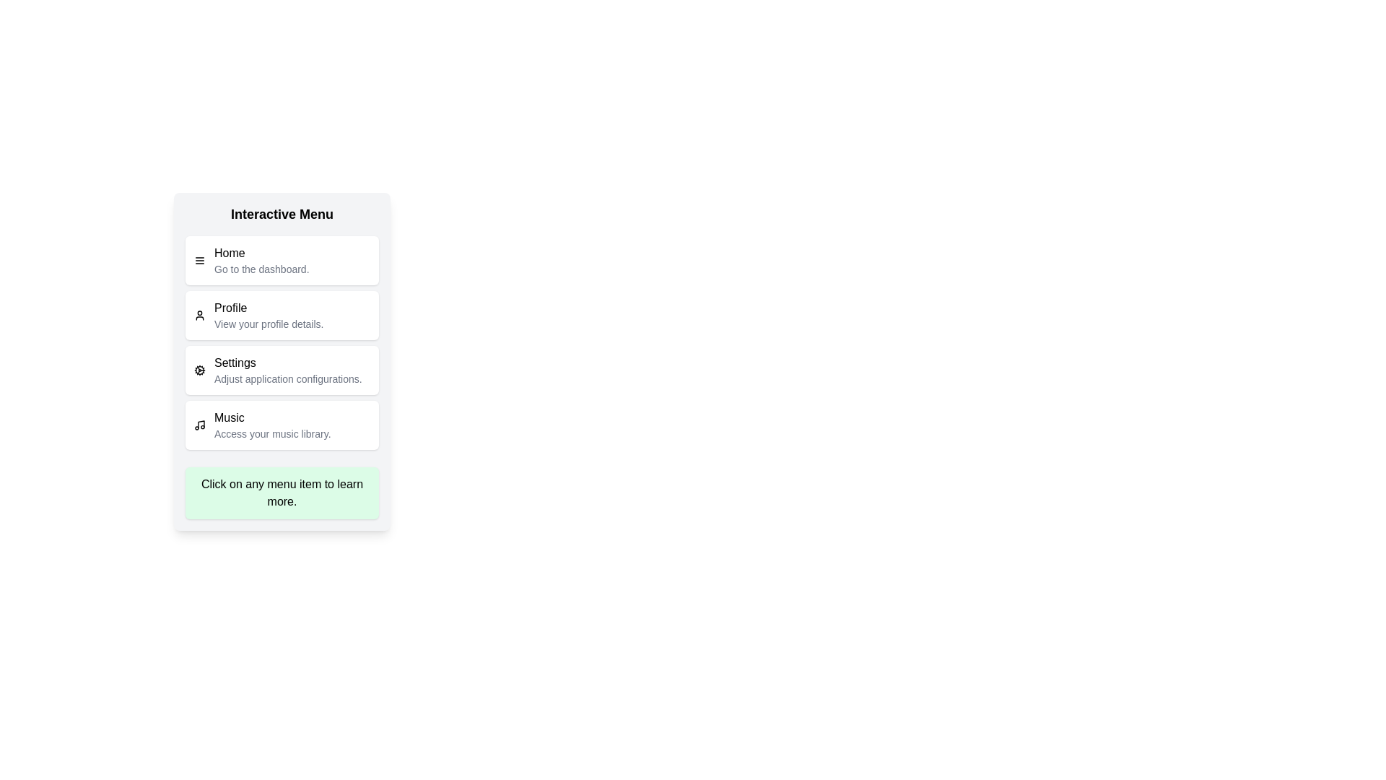  Describe the element at coordinates (282, 370) in the screenshot. I see `the menu item labeled Settings to see its hover effect` at that location.